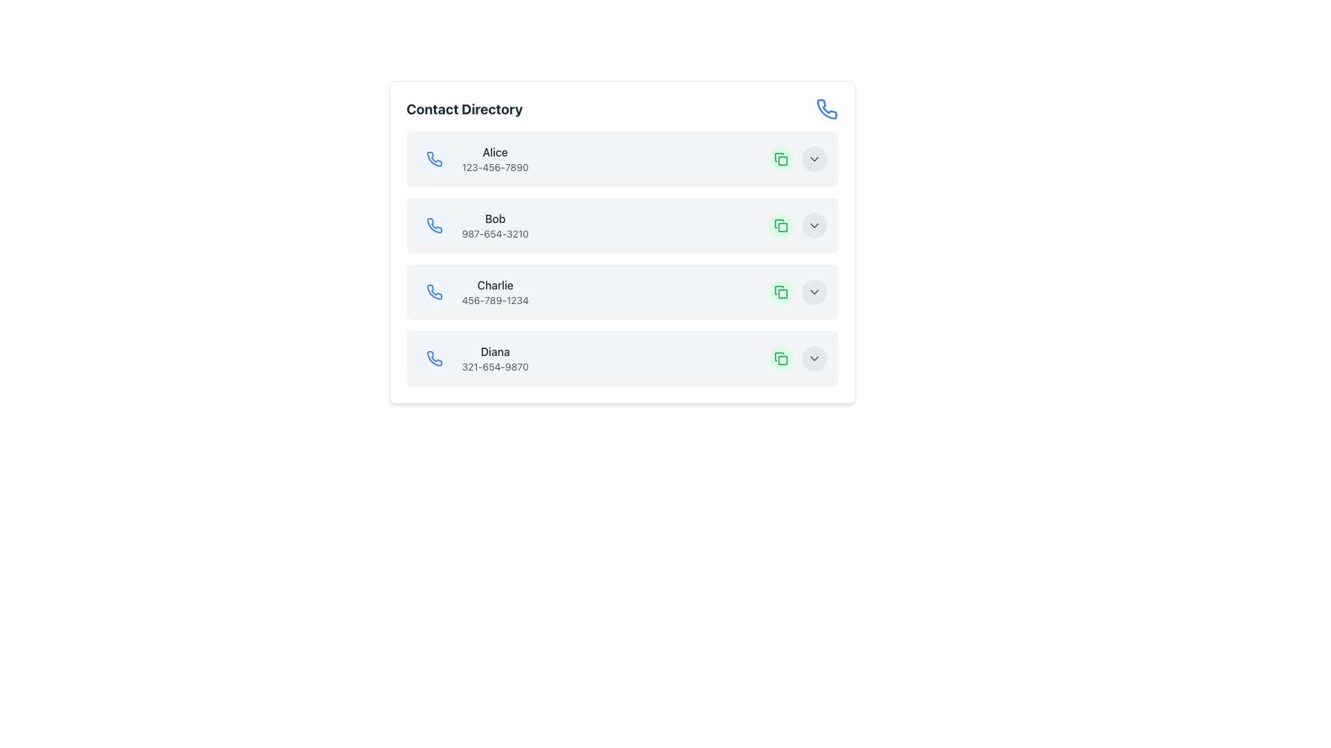 Image resolution: width=1331 pixels, height=748 pixels. Describe the element at coordinates (473, 225) in the screenshot. I see `contact information displayed in the text component of the second contact card, which includes the name and phone number` at that location.